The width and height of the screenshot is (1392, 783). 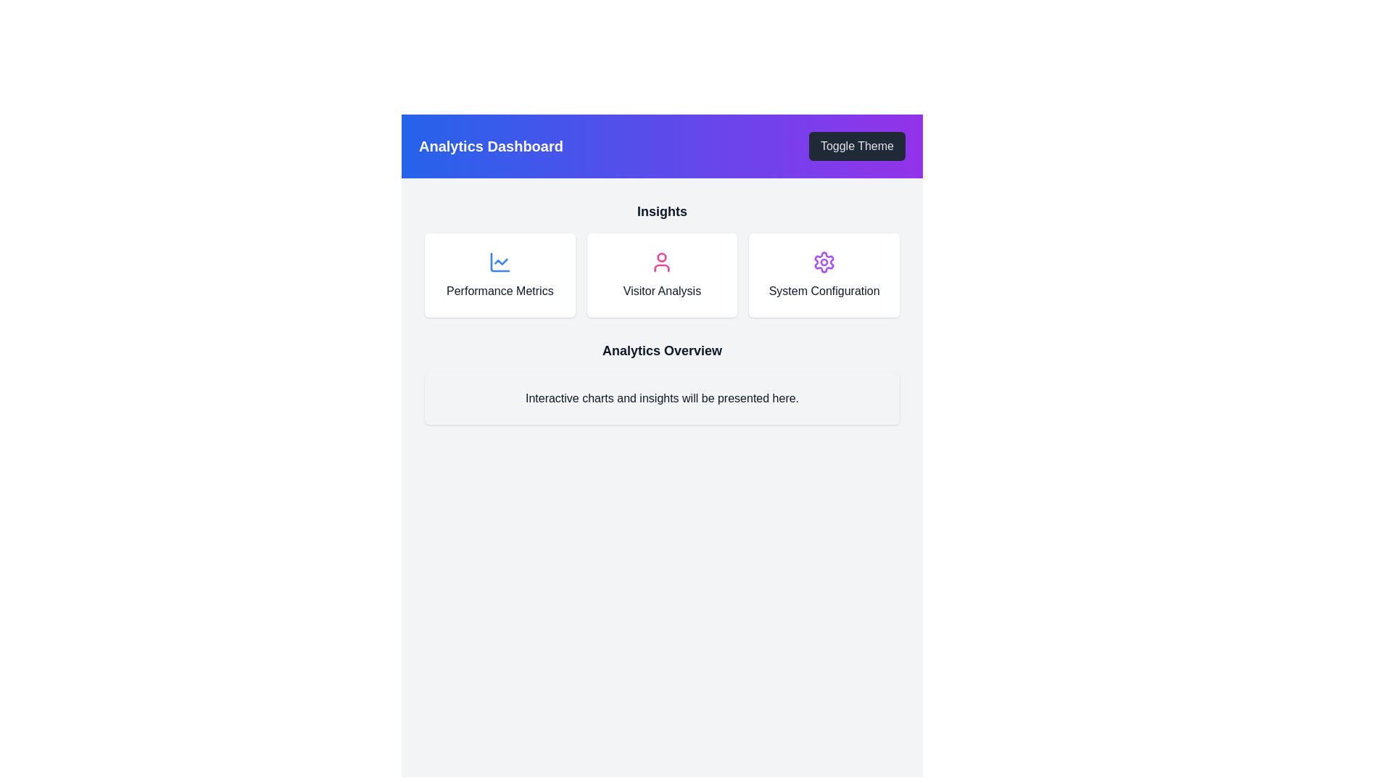 What do you see at coordinates (661, 212) in the screenshot?
I see `the text label styled as a header, which serves as the title for its section and is prominently visible beneath a blue header bar` at bounding box center [661, 212].